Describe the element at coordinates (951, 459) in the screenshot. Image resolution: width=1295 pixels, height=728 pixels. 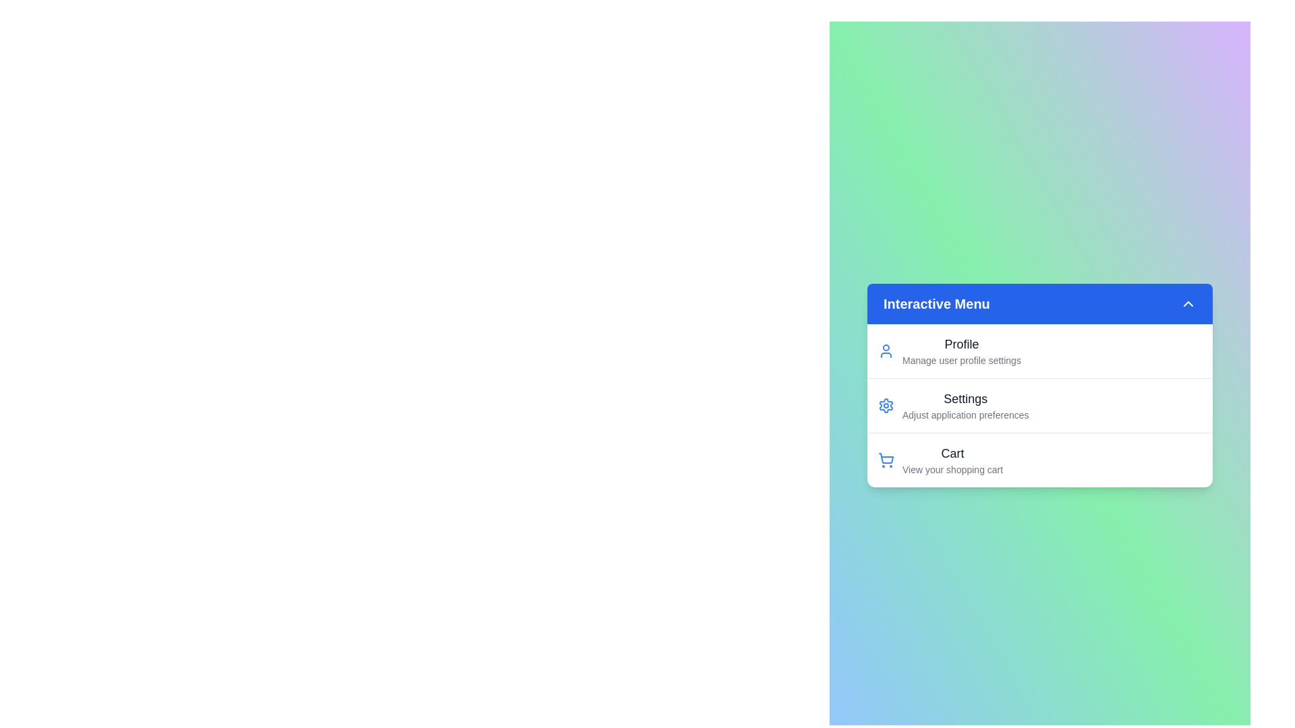
I see `the menu option Cart` at that location.